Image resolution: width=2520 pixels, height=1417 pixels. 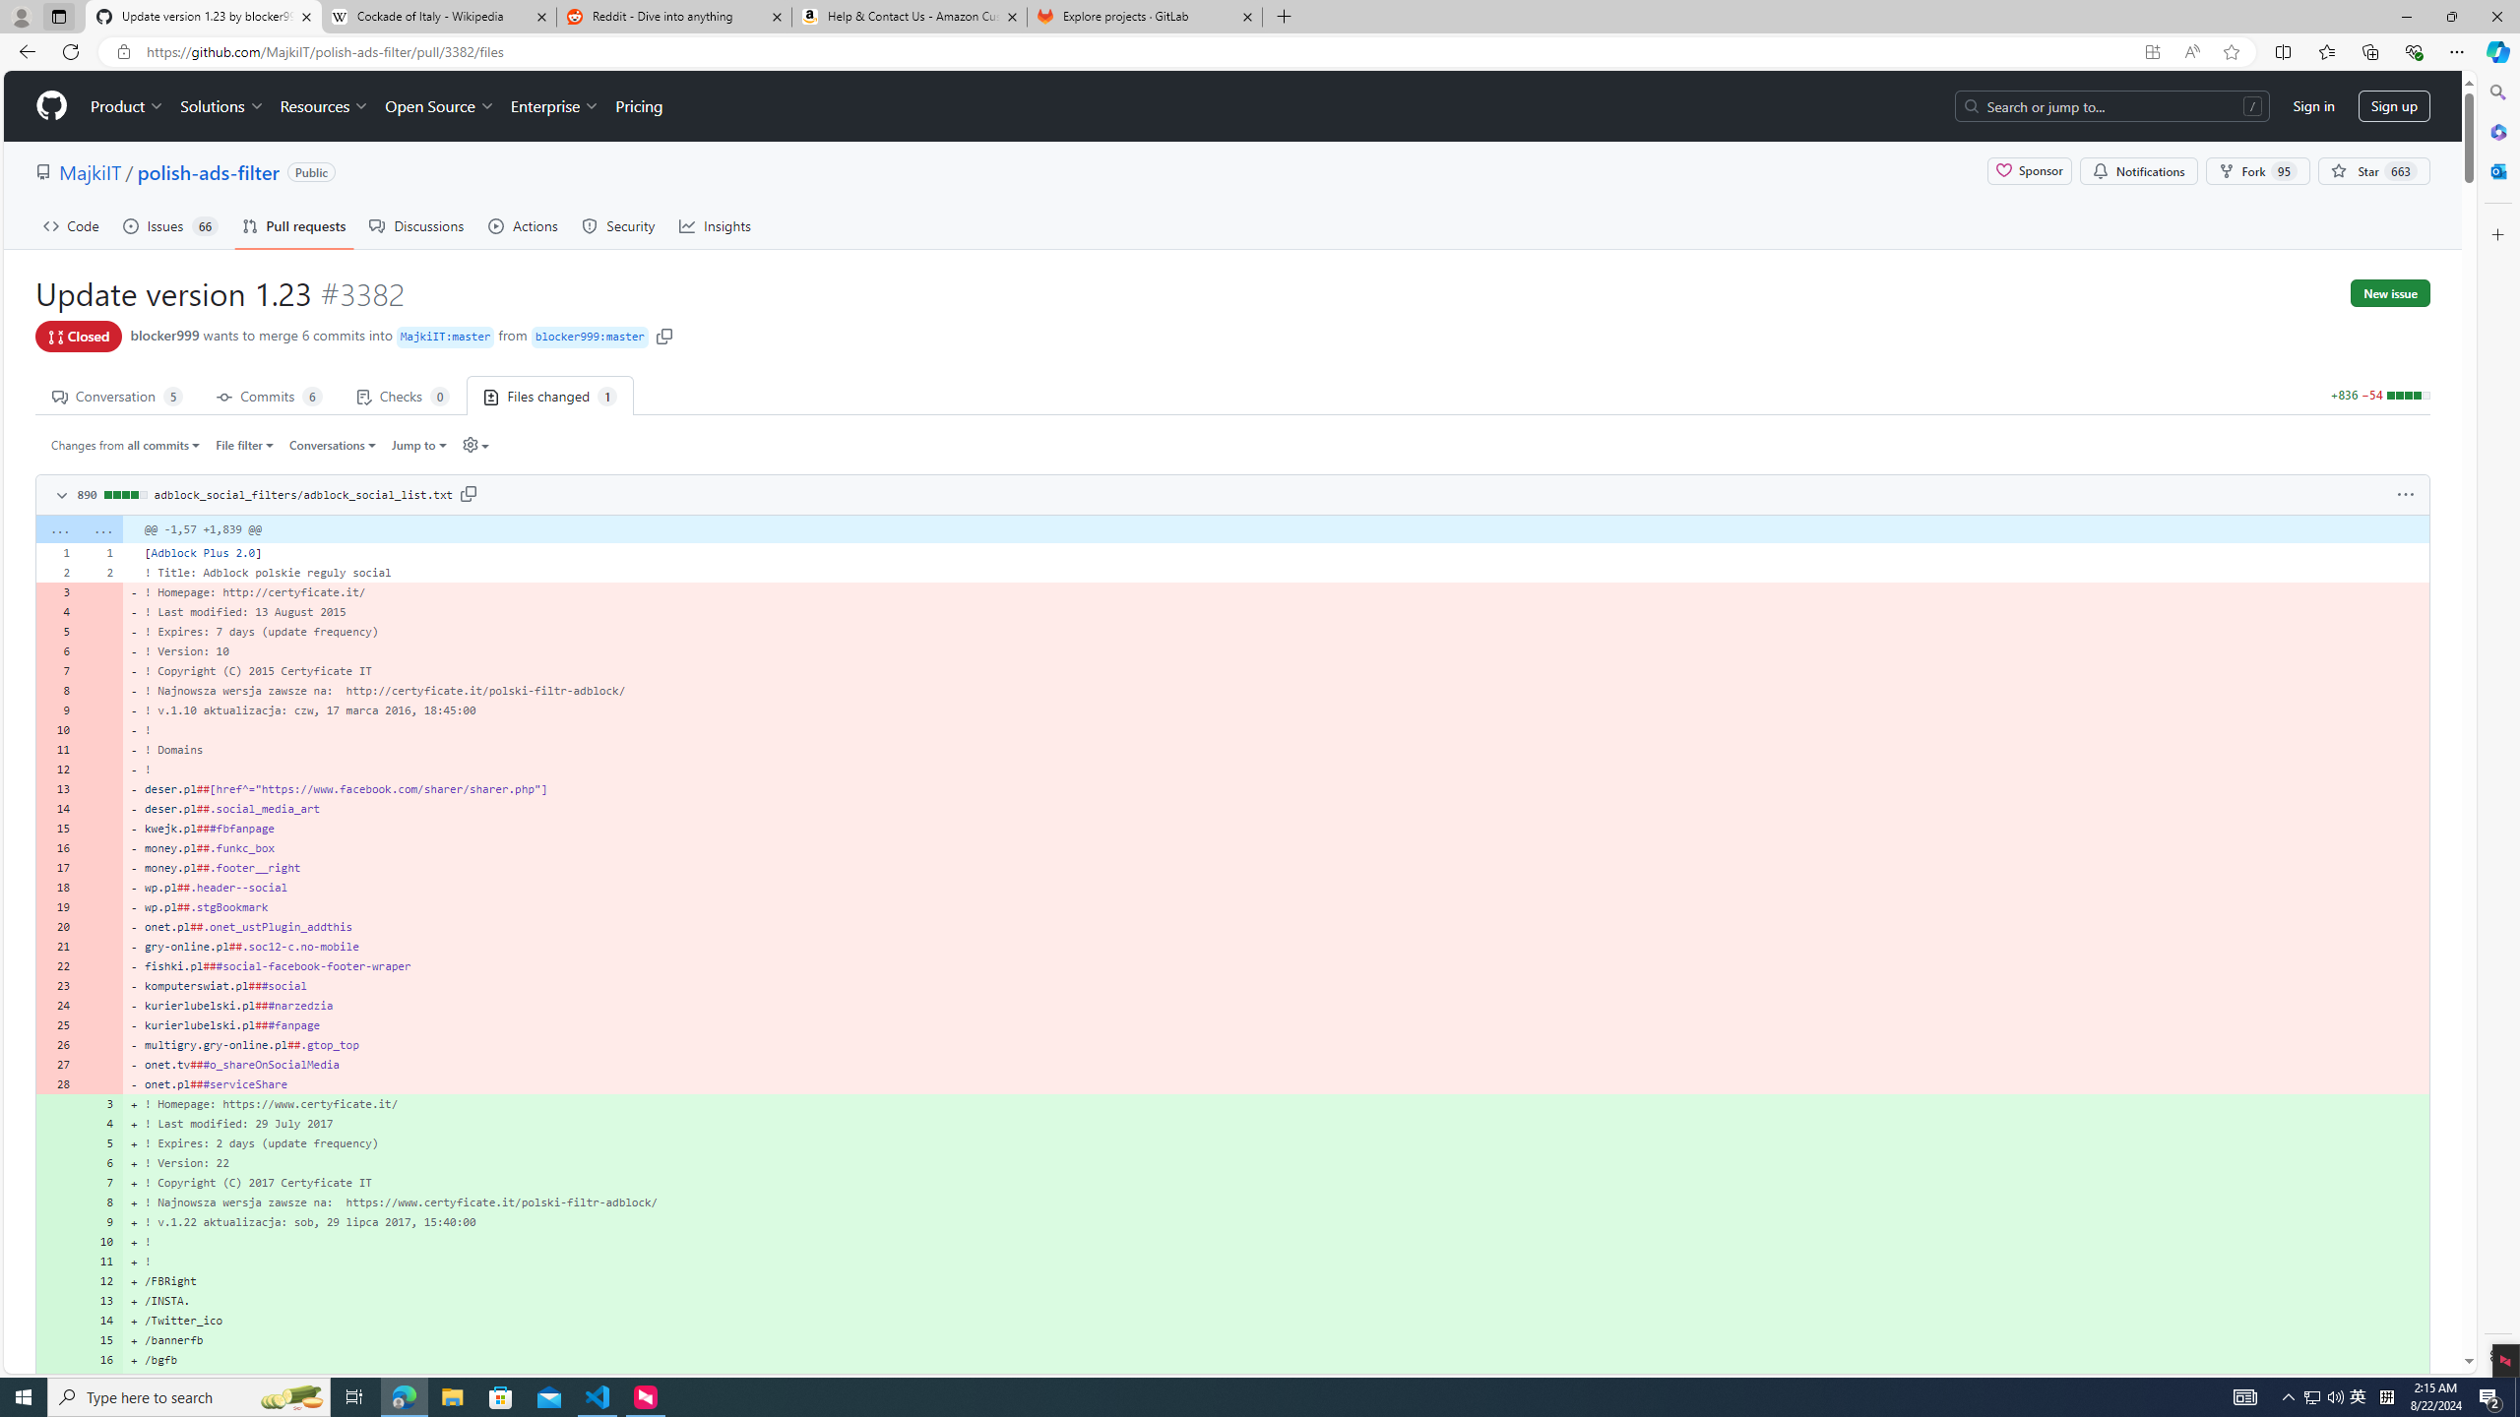 What do you see at coordinates (2372, 170) in the screenshot?
I see `' Star 663'` at bounding box center [2372, 170].